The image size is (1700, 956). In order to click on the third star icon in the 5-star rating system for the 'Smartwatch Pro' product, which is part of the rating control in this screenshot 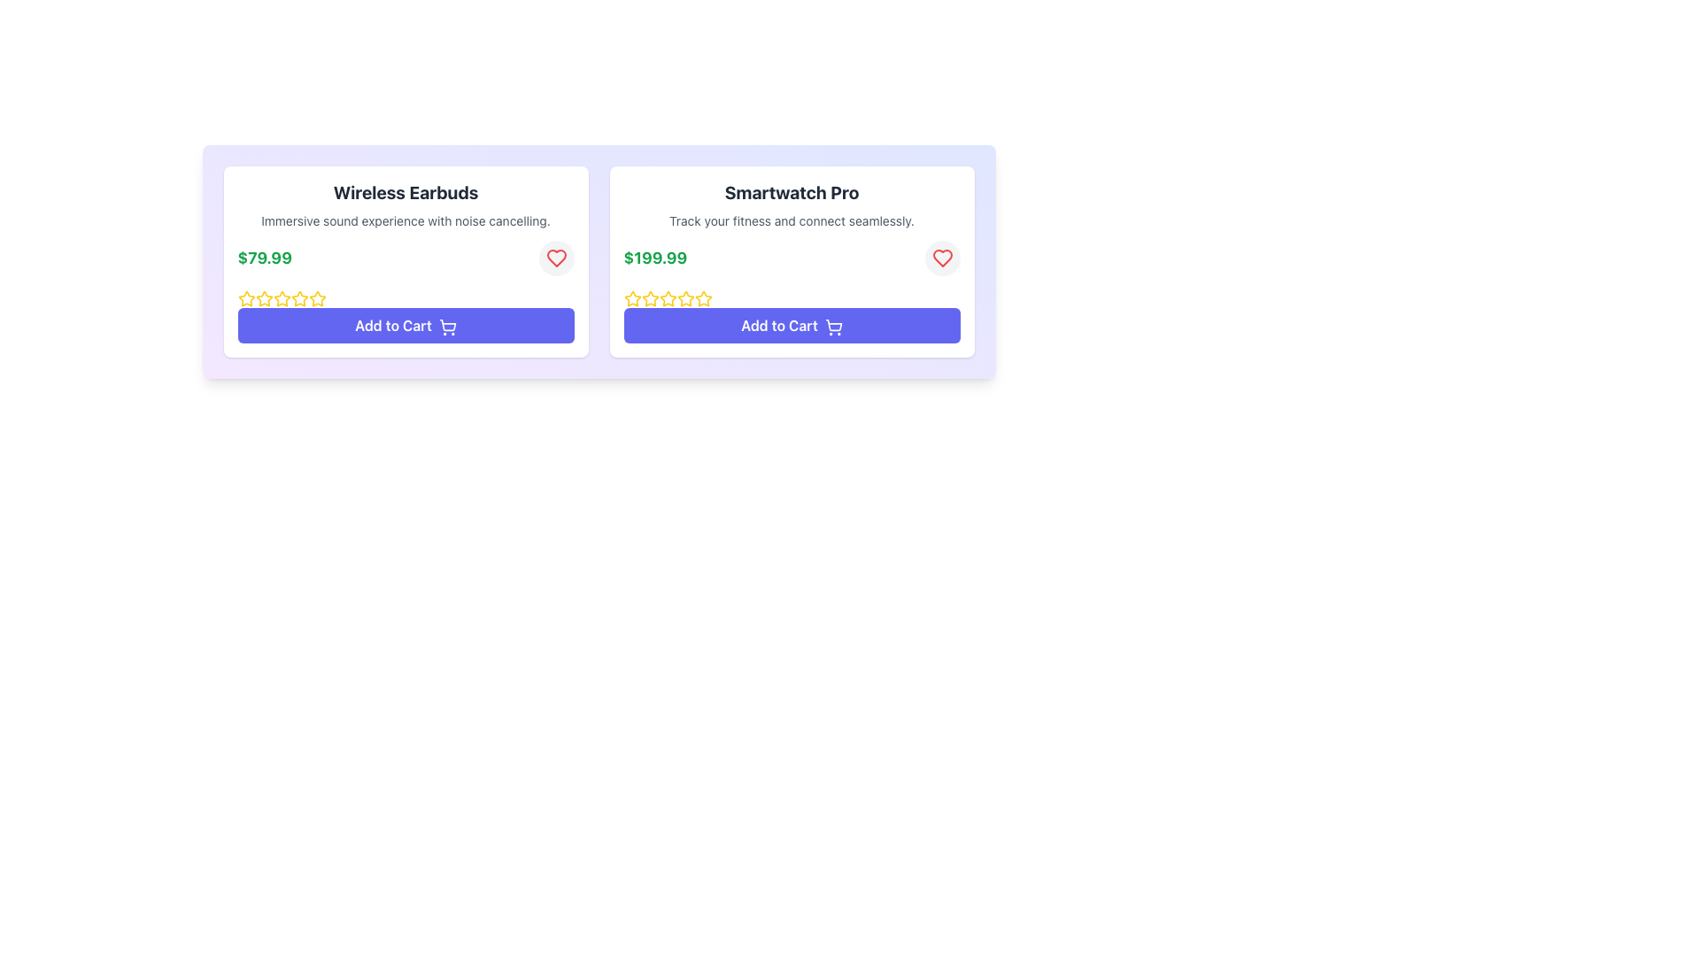, I will do `click(684, 297)`.